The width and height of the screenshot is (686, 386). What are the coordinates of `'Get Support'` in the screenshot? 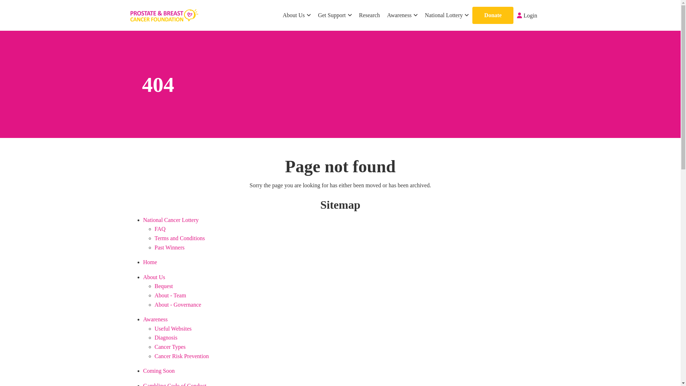 It's located at (334, 15).